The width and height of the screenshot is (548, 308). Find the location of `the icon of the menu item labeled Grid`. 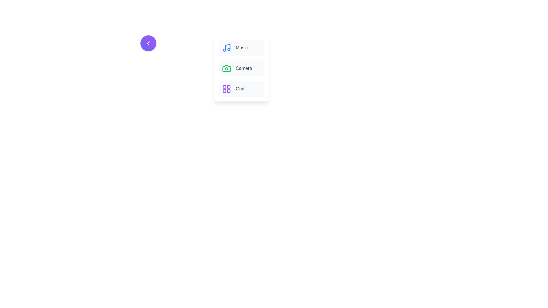

the icon of the menu item labeled Grid is located at coordinates (226, 89).